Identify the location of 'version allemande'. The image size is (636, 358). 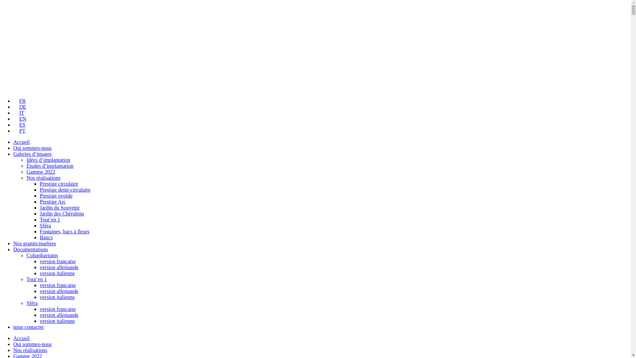
(39, 267).